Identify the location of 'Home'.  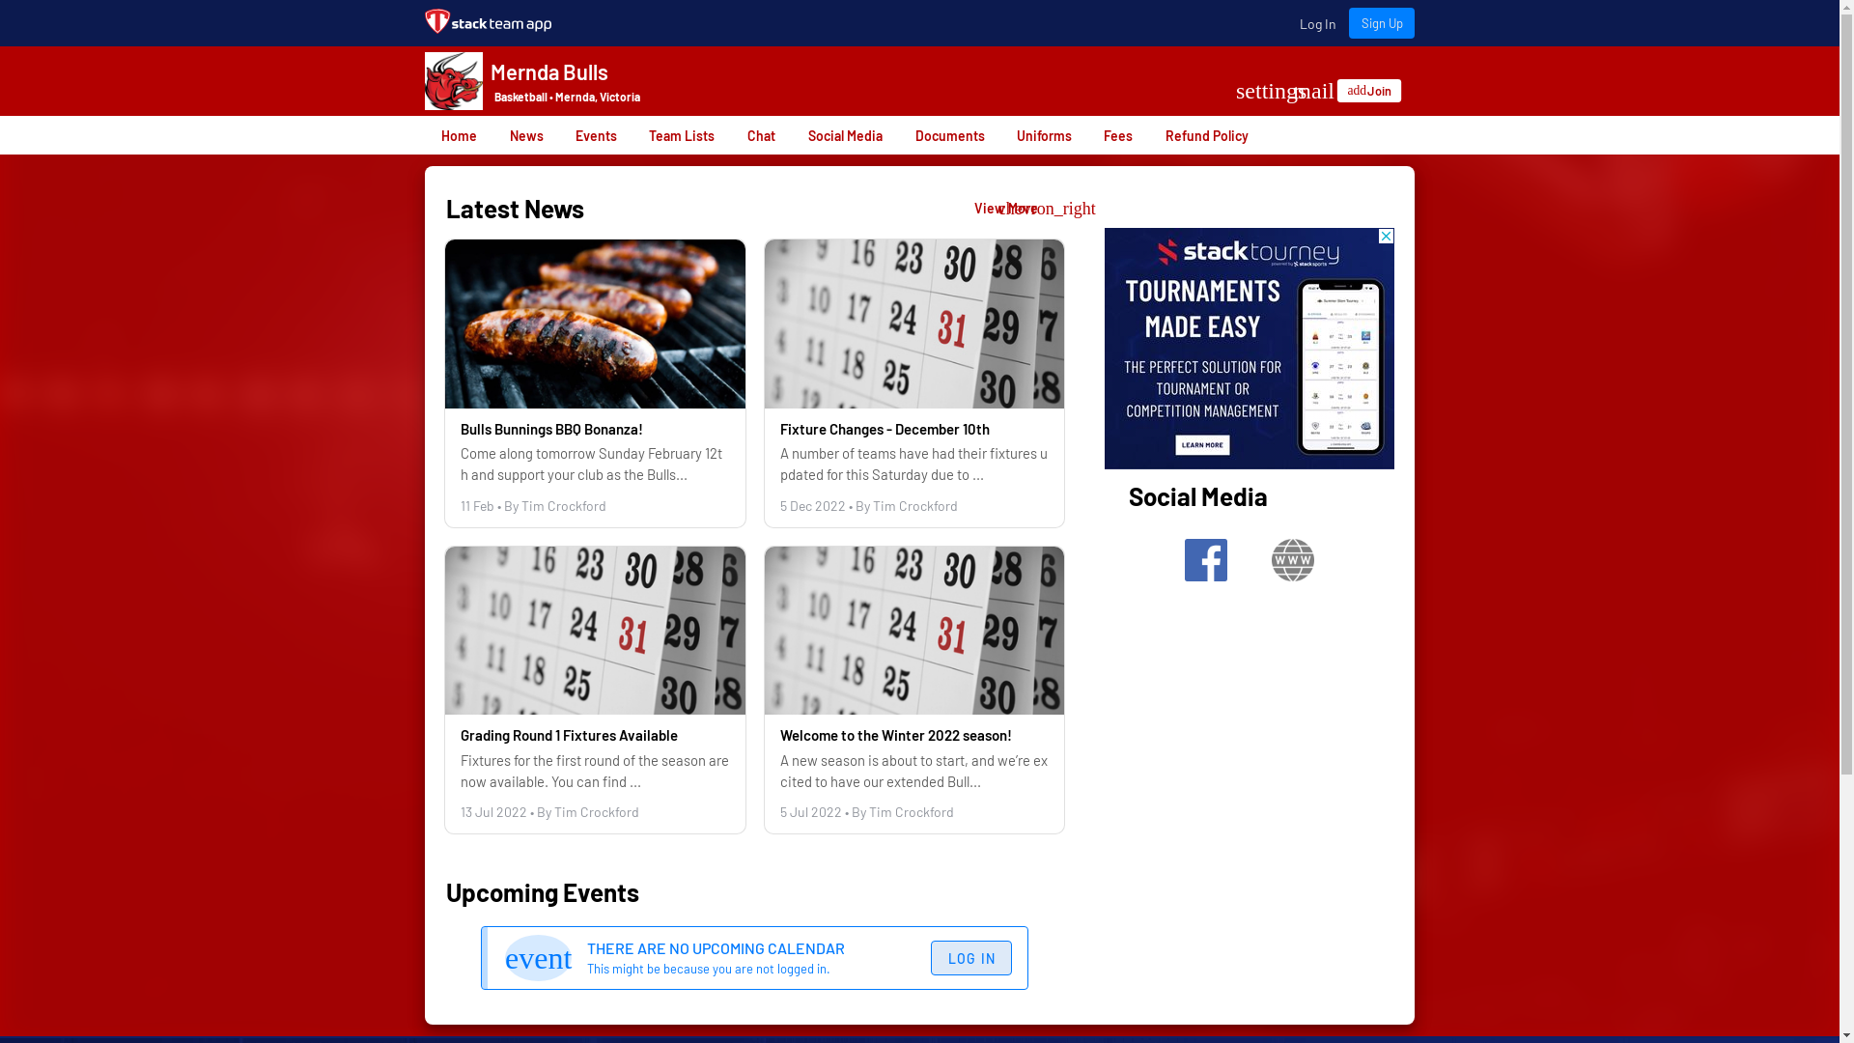
(424, 133).